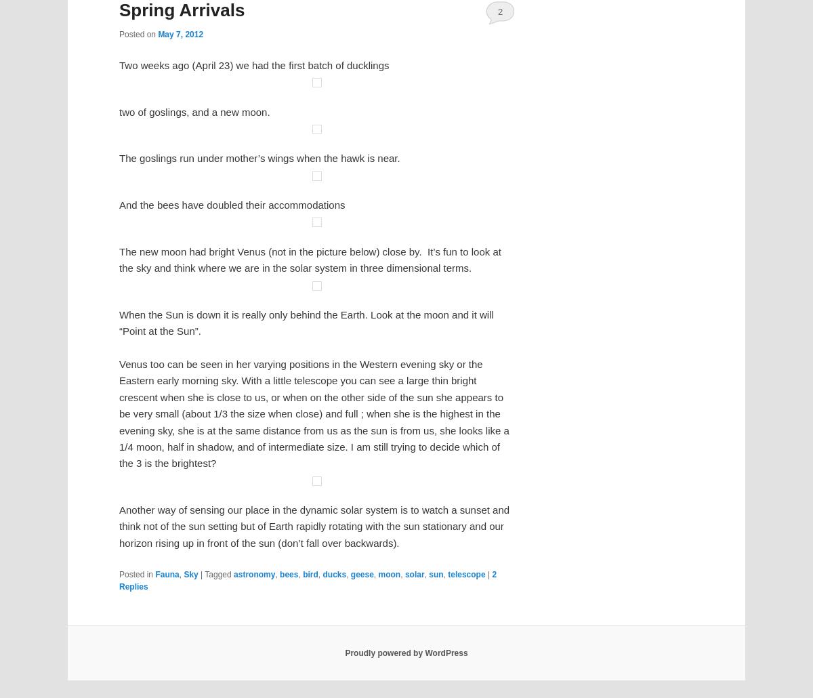 Image resolution: width=813 pixels, height=698 pixels. What do you see at coordinates (303, 455) in the screenshot?
I see `'bees'` at bounding box center [303, 455].